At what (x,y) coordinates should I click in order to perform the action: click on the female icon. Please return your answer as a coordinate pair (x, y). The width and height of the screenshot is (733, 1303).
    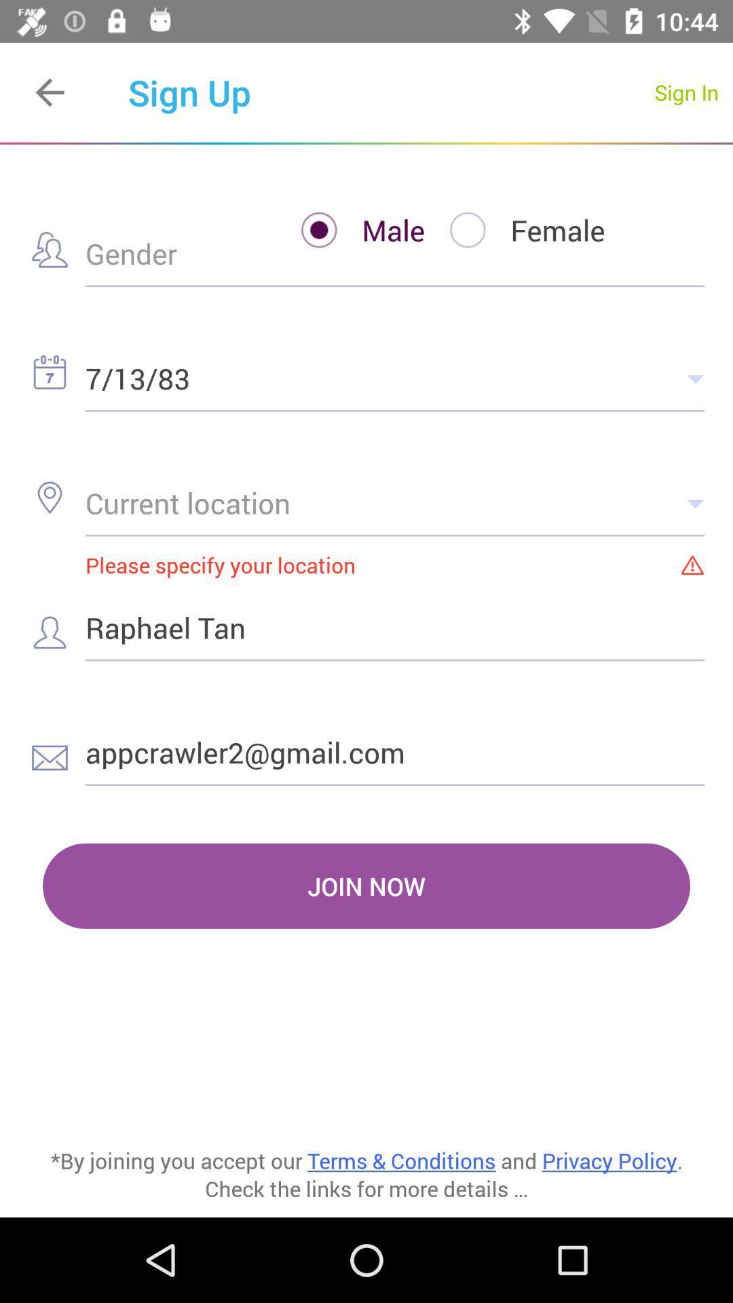
    Looking at the image, I should click on (515, 230).